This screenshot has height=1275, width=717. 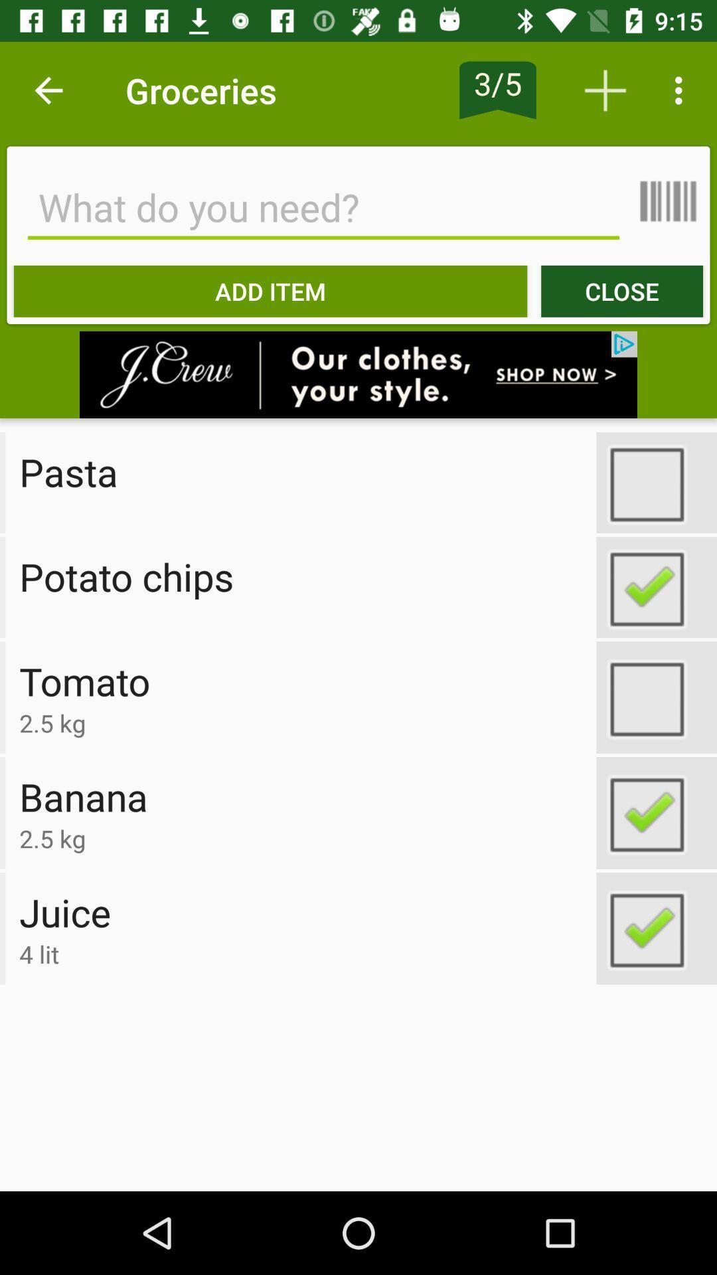 I want to click on groceries mark button, so click(x=656, y=812).